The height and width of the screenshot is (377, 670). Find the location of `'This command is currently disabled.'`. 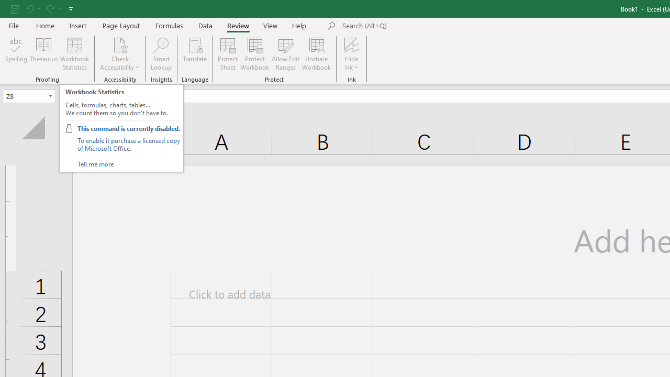

'This command is currently disabled.' is located at coordinates (128, 128).